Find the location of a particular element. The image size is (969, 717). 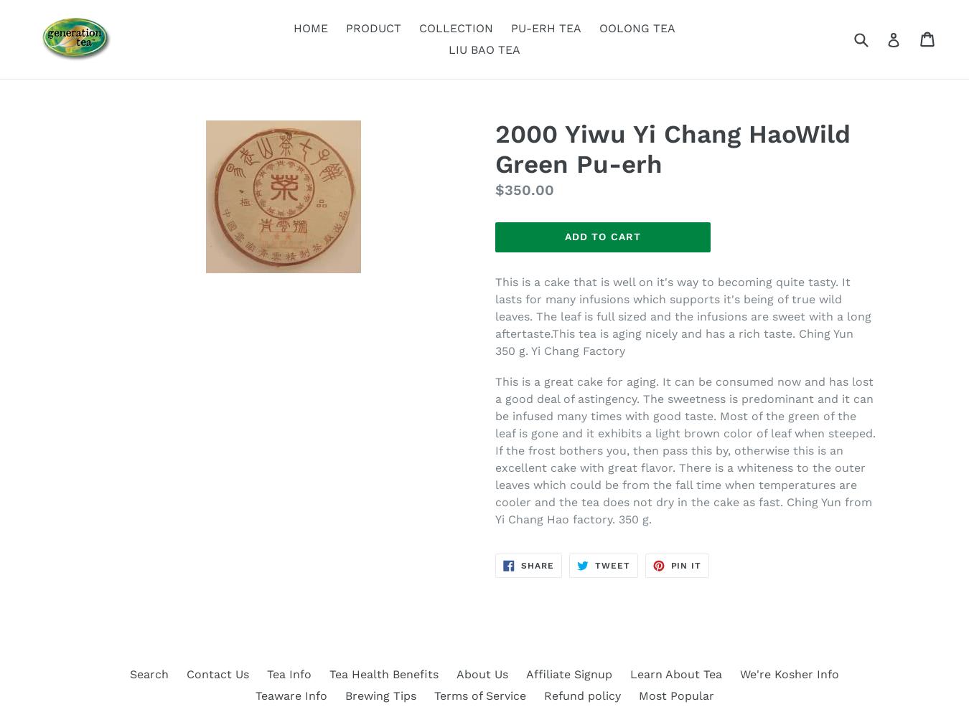

'Search' is located at coordinates (130, 673).